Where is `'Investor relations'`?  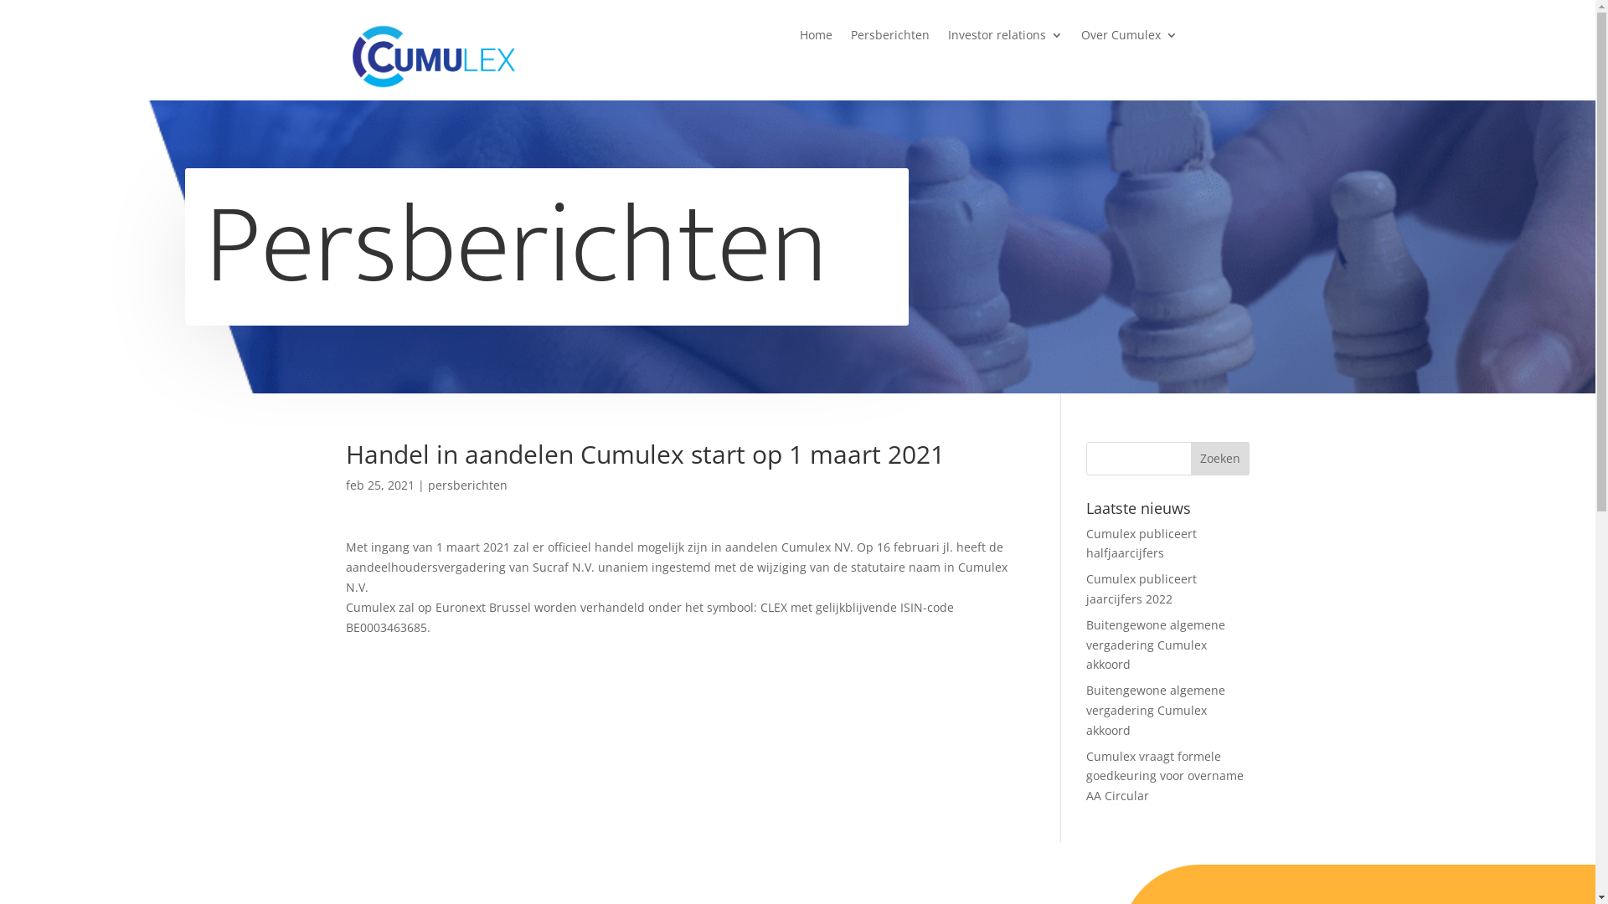
'Investor relations' is located at coordinates (1005, 38).